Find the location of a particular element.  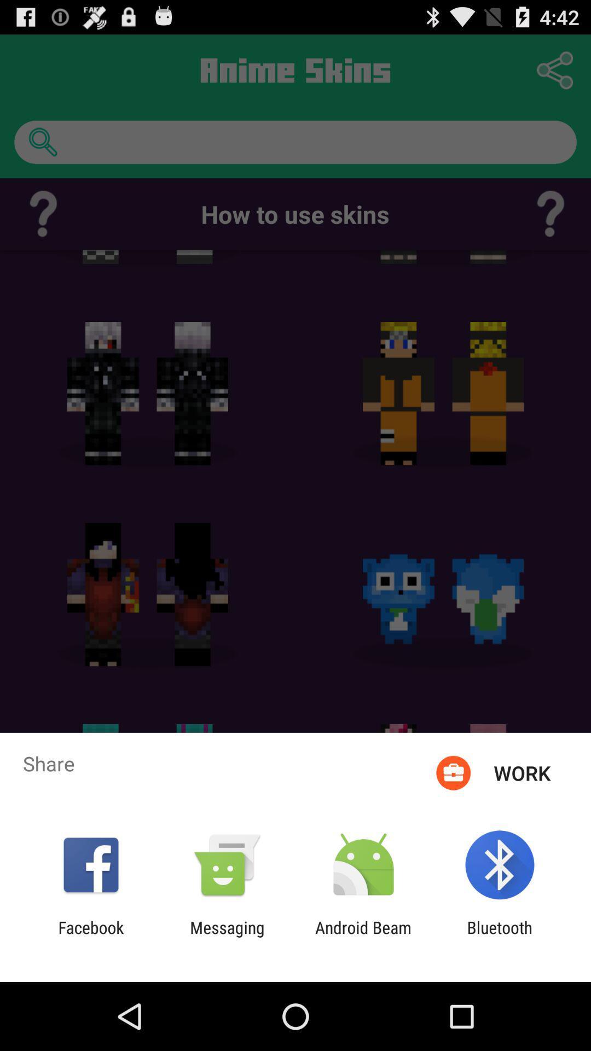

icon to the left of bluetooth icon is located at coordinates (363, 937).